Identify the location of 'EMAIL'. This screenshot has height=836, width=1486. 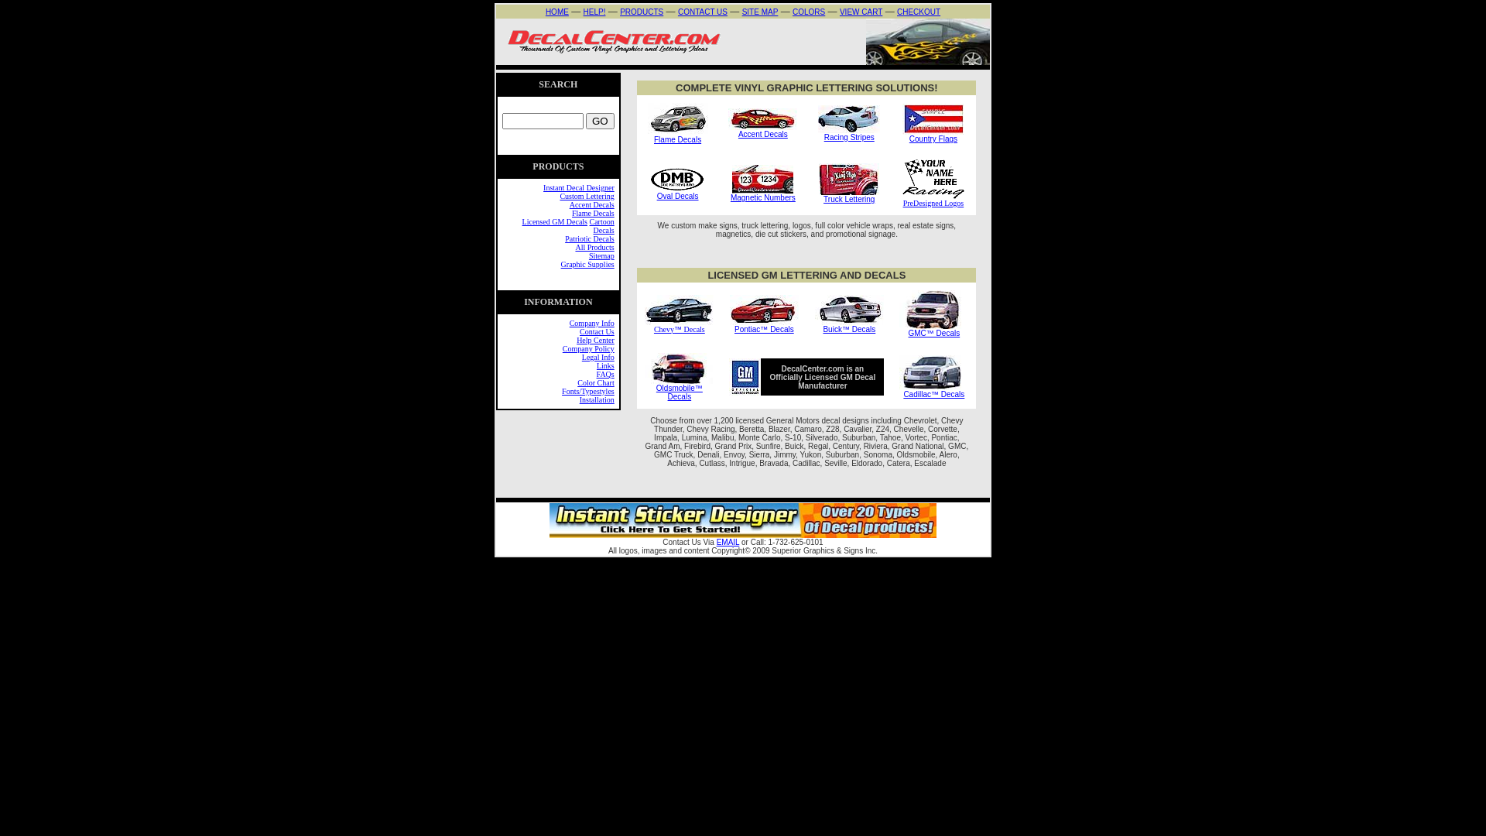
(727, 541).